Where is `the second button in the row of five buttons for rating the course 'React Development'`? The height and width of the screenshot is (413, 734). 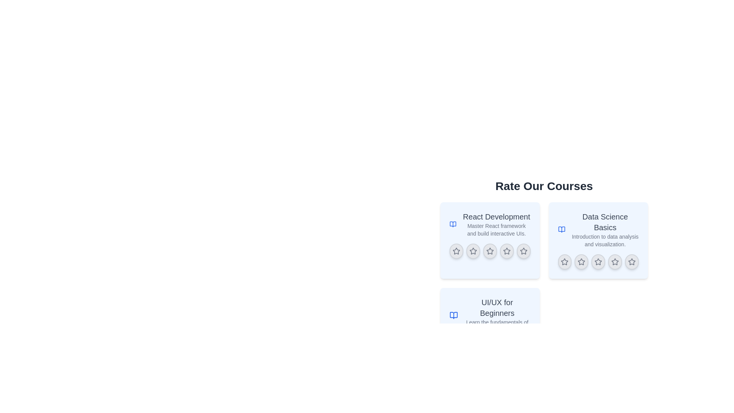
the second button in the row of five buttons for rating the course 'React Development' is located at coordinates (473, 251).